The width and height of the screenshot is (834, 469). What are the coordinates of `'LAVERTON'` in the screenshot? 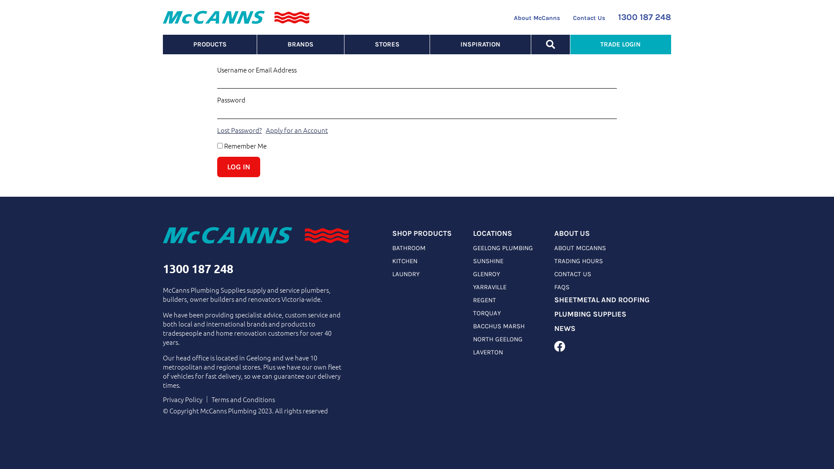 It's located at (488, 352).